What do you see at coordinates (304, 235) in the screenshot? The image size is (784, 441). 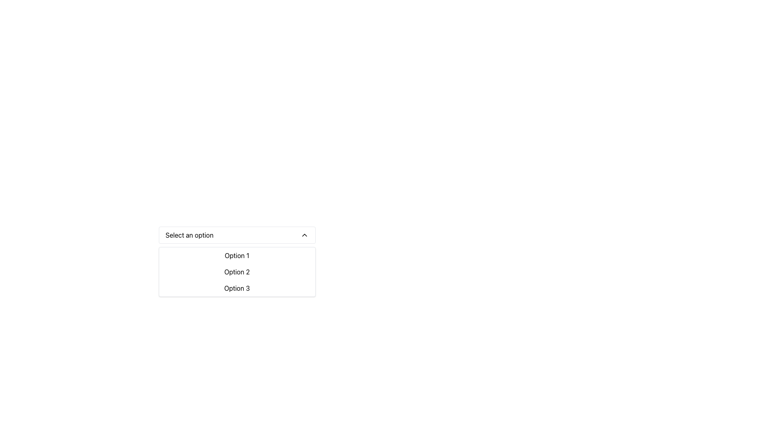 I see `the small chevron-up icon located at the top right corner of the 'Select an option' dropdown menu` at bounding box center [304, 235].